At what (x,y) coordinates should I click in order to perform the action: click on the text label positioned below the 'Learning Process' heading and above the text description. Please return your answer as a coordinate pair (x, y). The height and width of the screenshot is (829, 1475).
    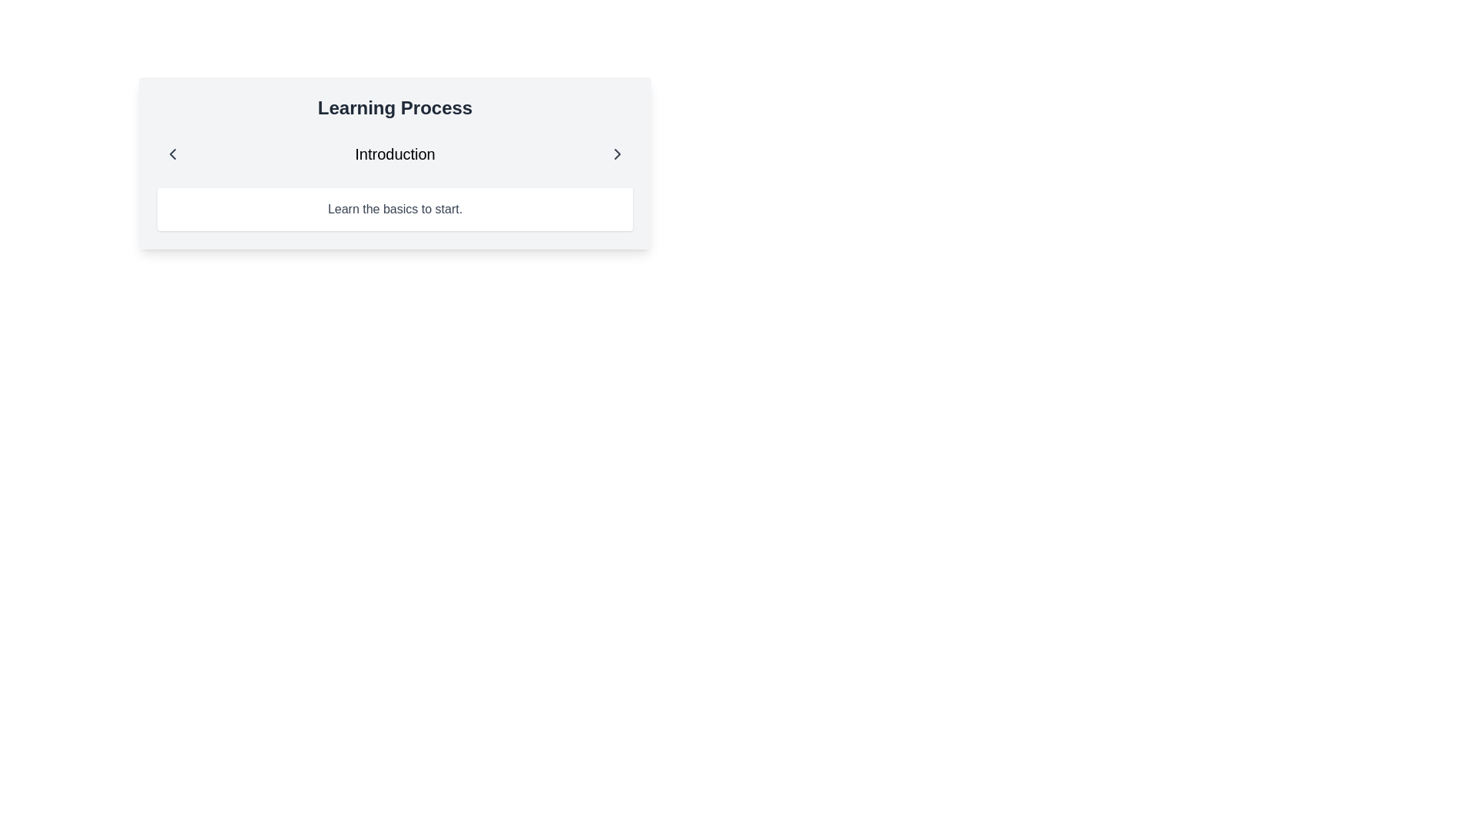
    Looking at the image, I should click on (395, 154).